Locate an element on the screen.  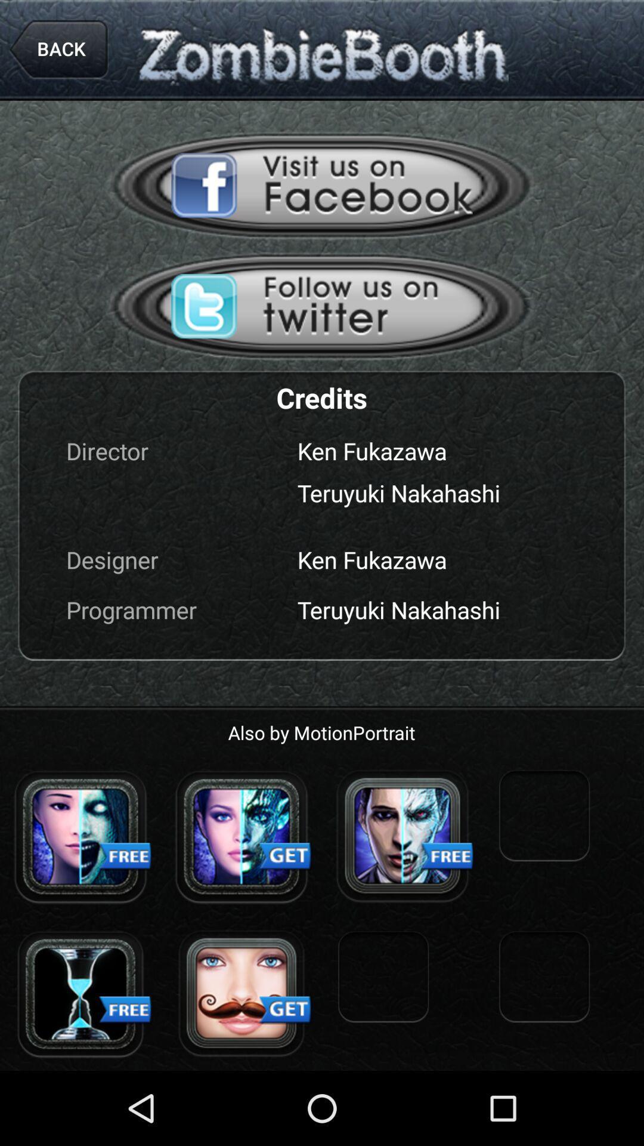
buy a character is located at coordinates (241, 836).